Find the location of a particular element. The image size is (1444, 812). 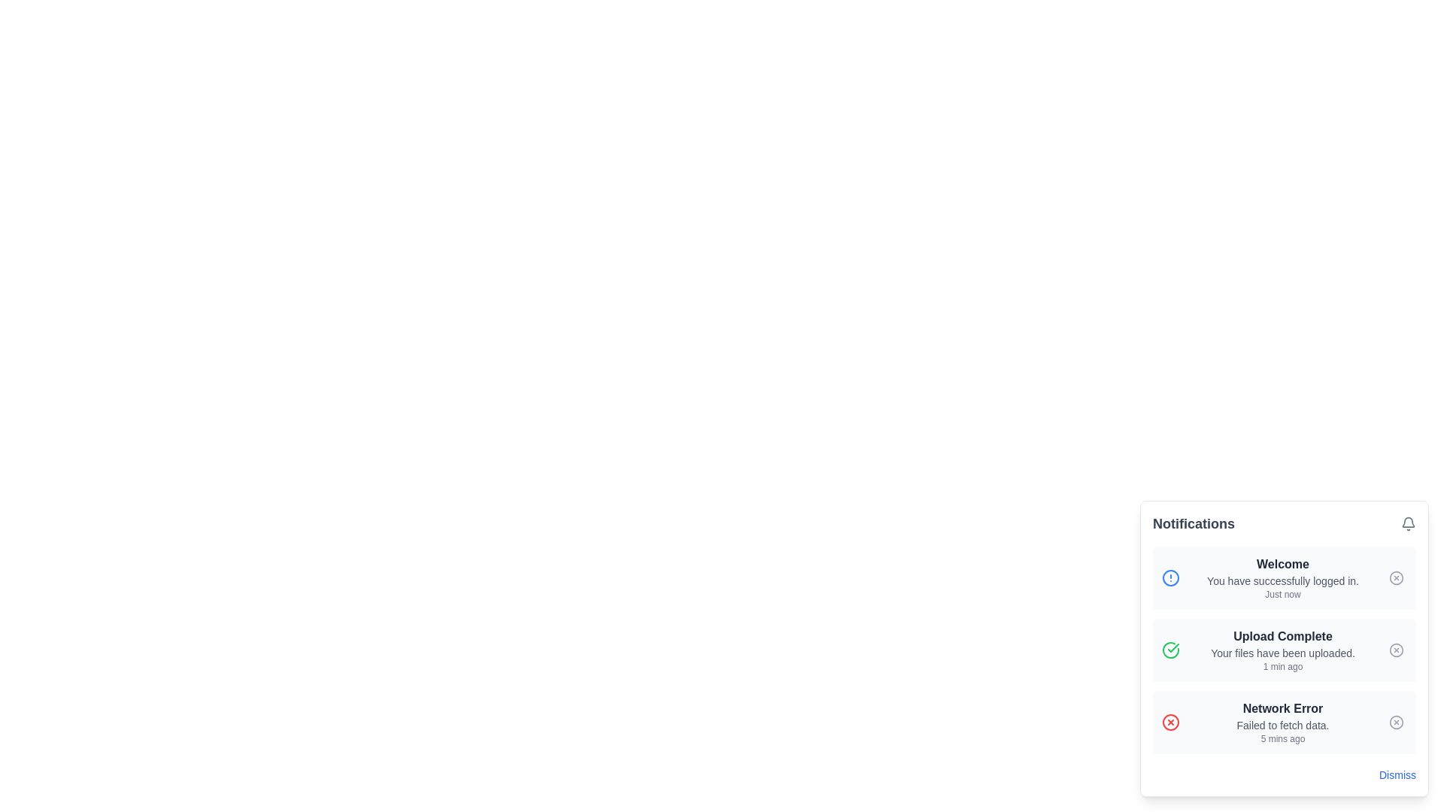

the text label stating 'Your files have been uploaded.' located within the notification group titled 'Upload Complete.' is located at coordinates (1282, 652).